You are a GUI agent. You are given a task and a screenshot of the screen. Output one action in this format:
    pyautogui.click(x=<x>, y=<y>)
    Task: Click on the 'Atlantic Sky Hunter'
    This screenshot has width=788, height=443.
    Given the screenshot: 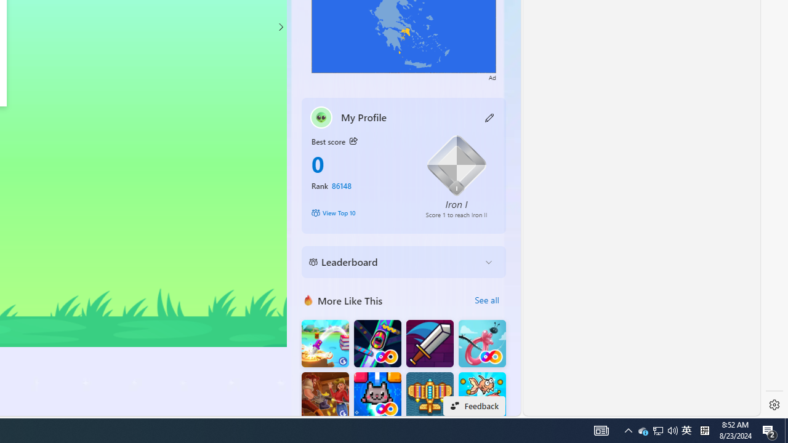 What is the action you would take?
    pyautogui.click(x=430, y=396)
    